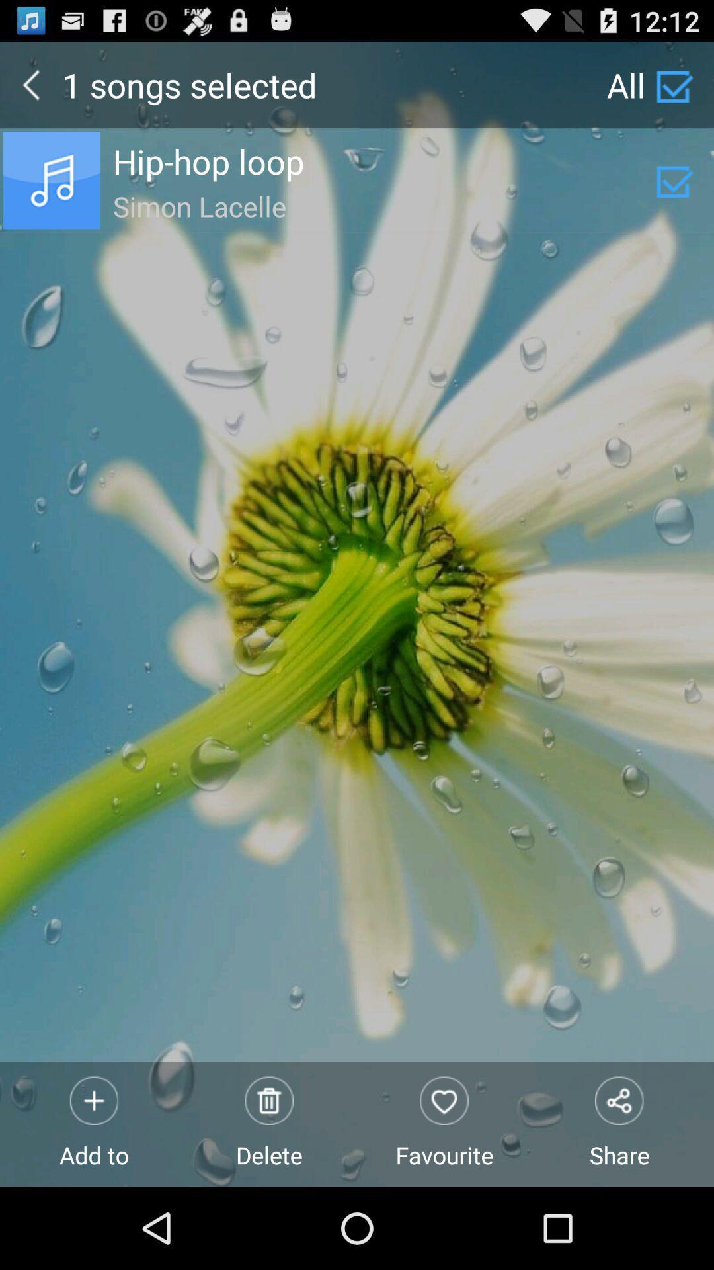  I want to click on icon next to the favourite, so click(619, 1123).